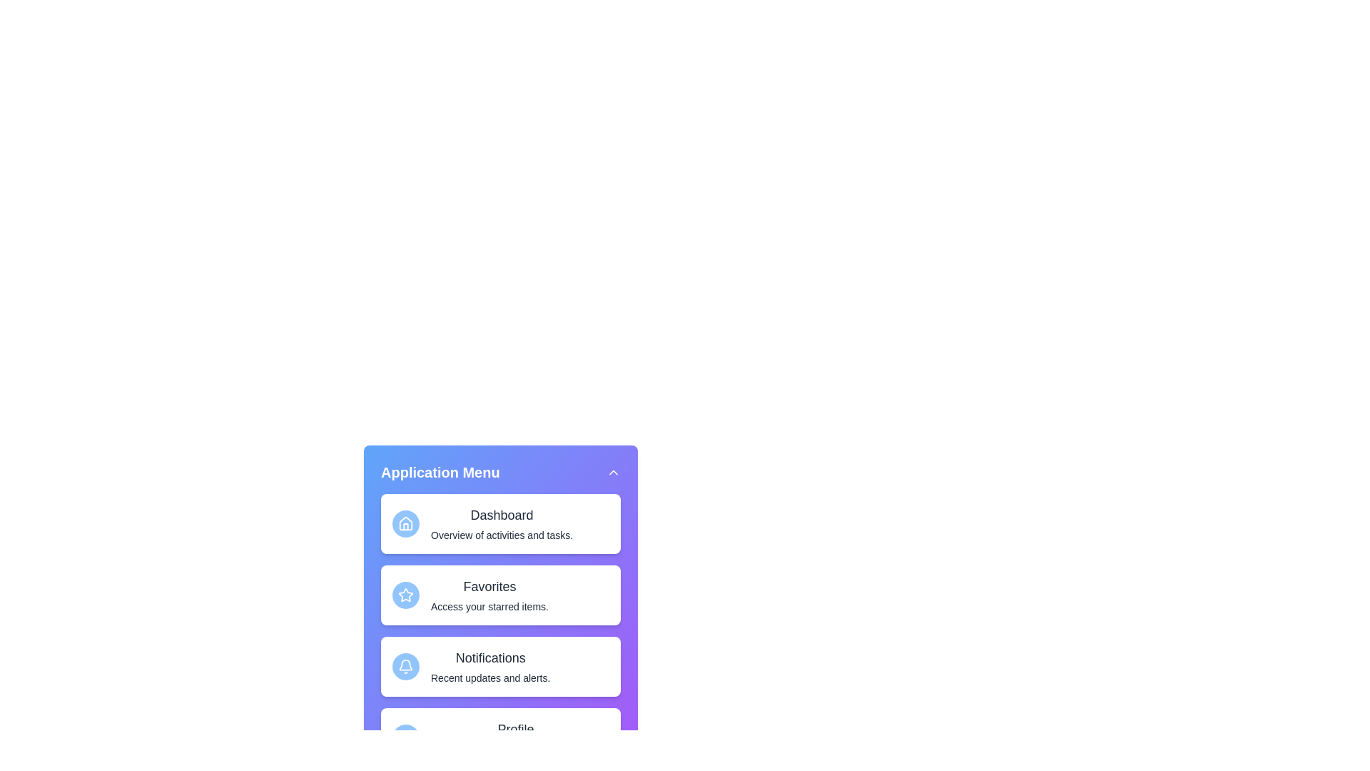  What do you see at coordinates (405, 595) in the screenshot?
I see `the icon of the menu item Favorites` at bounding box center [405, 595].